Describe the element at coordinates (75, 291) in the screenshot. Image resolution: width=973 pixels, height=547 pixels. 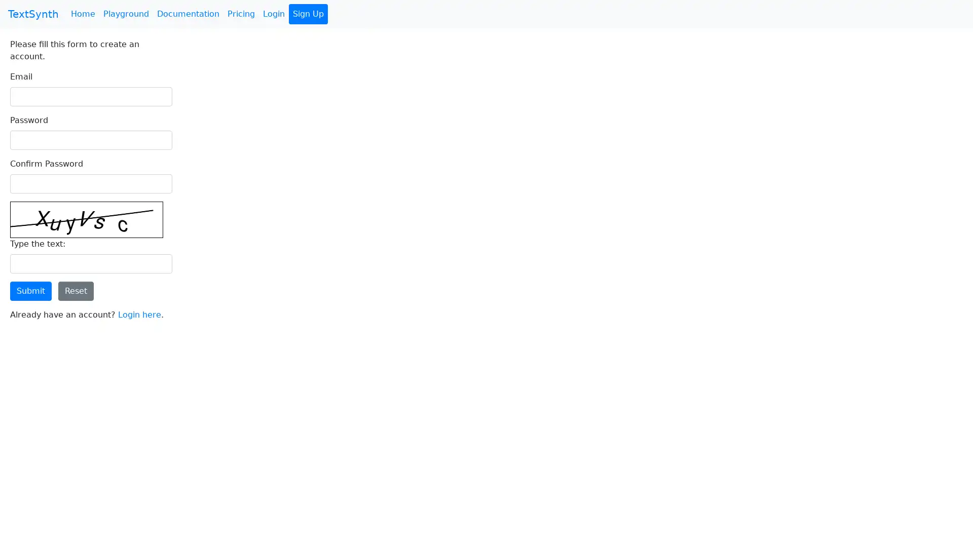
I see `Reset` at that location.